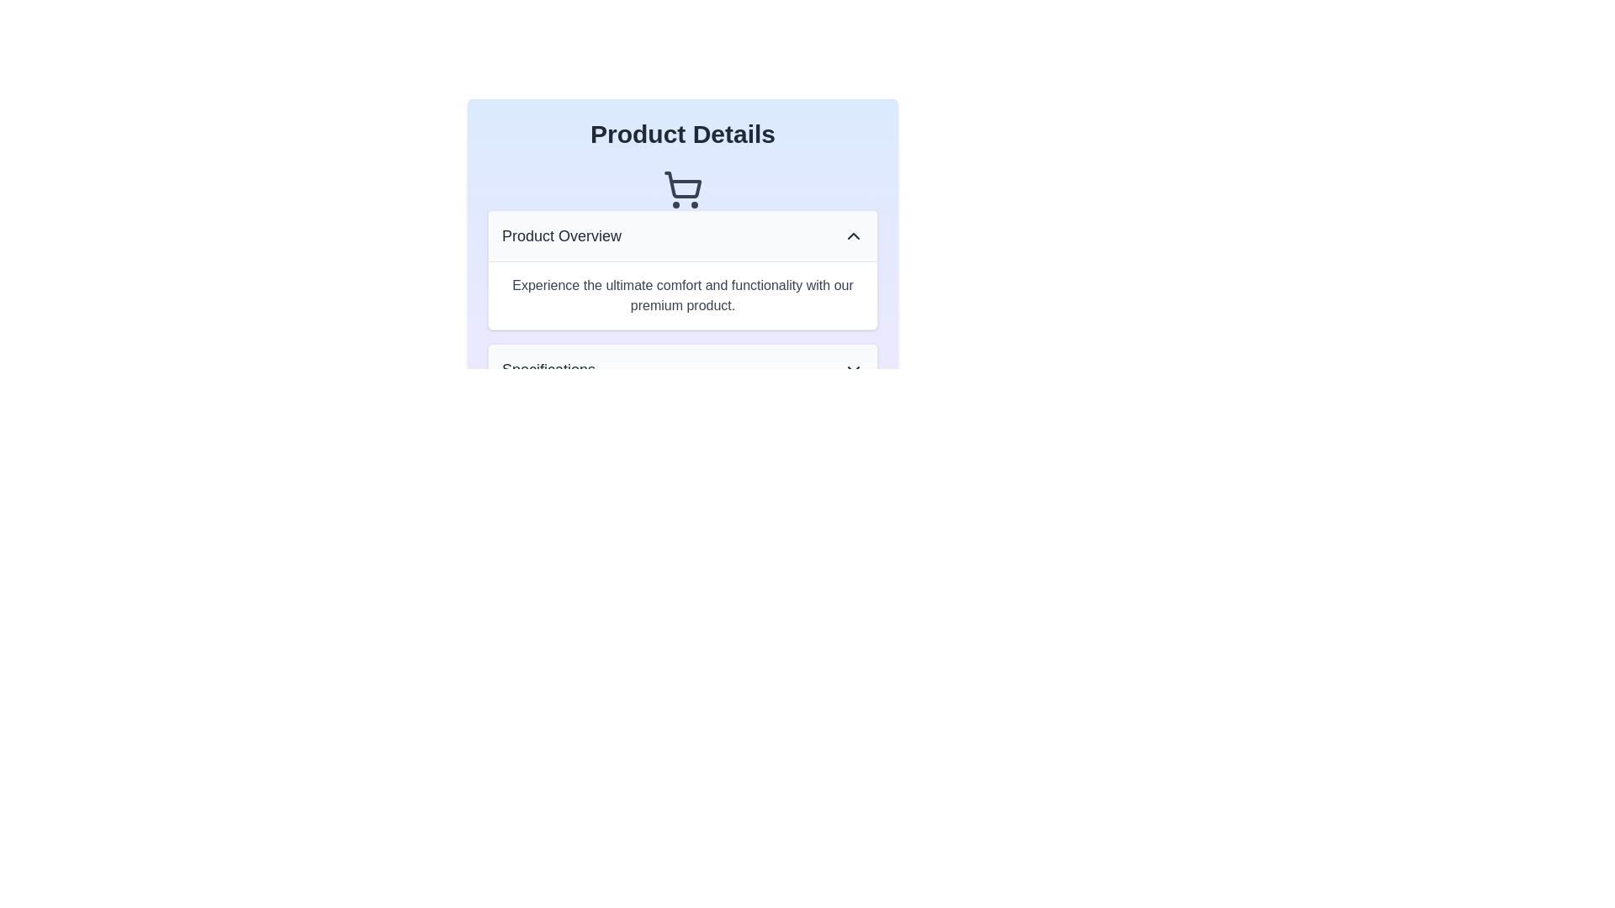 This screenshot has width=1615, height=908. I want to click on text content of the textual content block displaying 'Experience the ultimate comfort and functionality with our premium product.' located under the 'Product Overview' title section, so click(682, 294).